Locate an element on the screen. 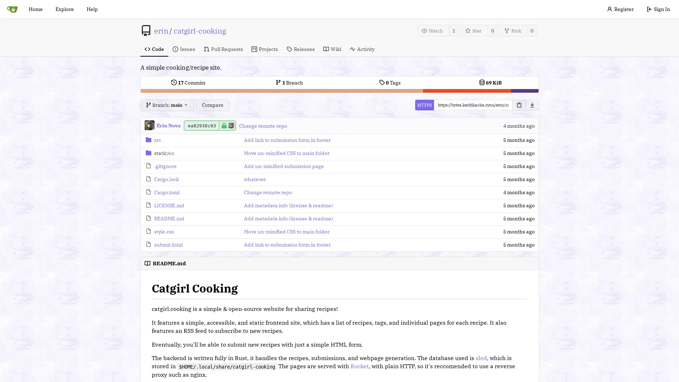 The height and width of the screenshot is (382, 679). Star is located at coordinates (474, 30).